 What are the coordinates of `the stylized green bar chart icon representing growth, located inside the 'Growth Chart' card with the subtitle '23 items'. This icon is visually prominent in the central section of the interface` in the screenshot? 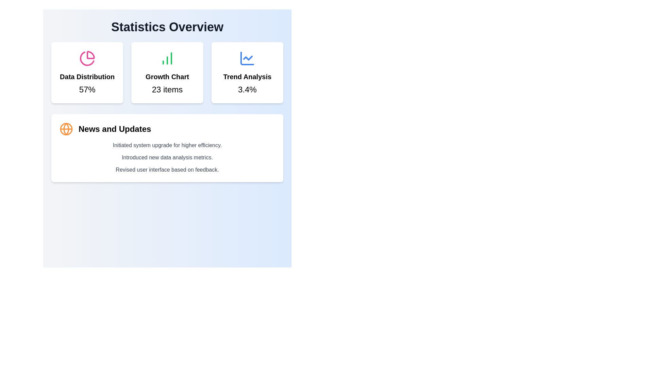 It's located at (167, 58).